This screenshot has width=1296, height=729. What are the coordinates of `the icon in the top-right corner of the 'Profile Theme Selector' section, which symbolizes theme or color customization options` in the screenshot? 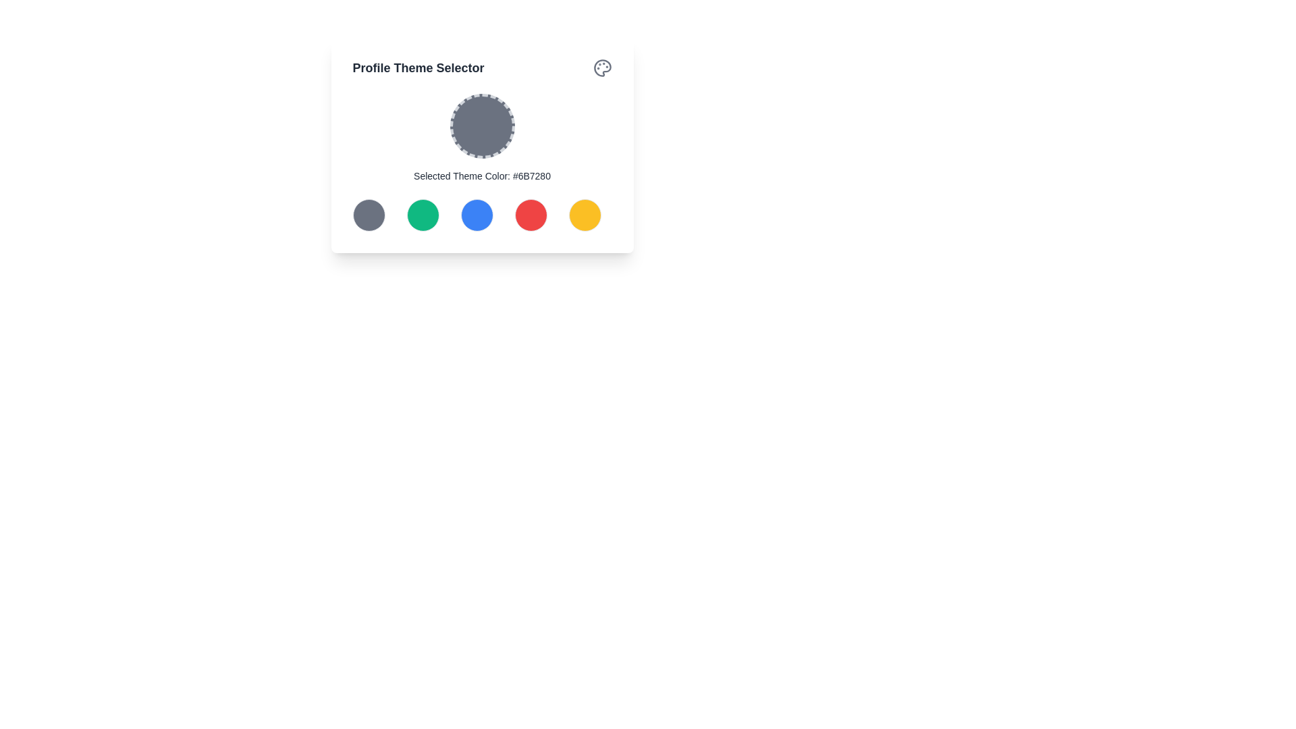 It's located at (601, 67).